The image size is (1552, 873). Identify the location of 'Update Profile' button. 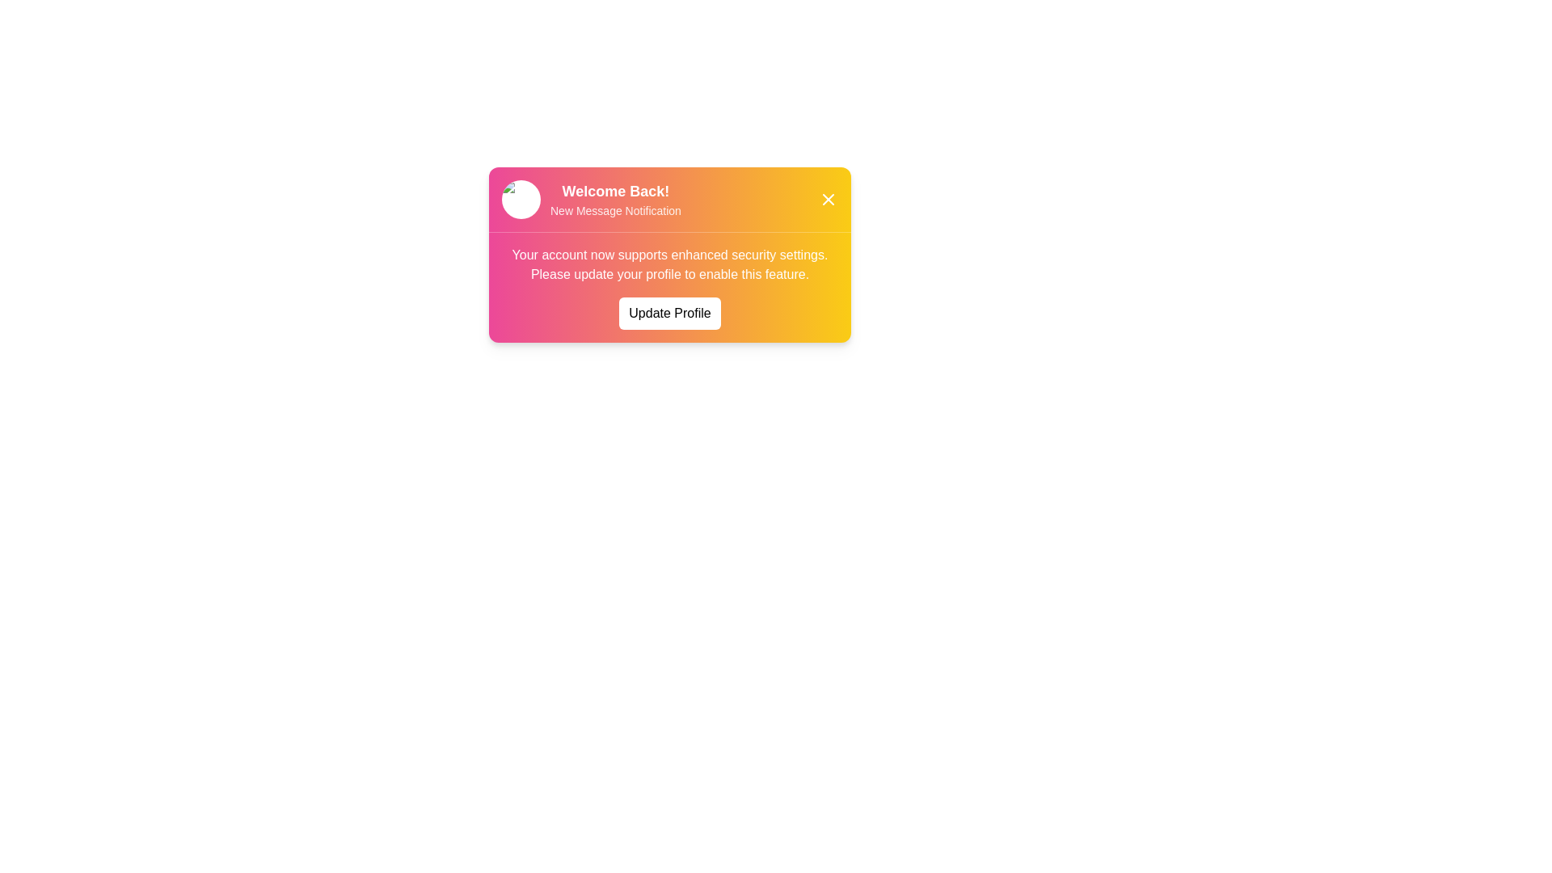
(670, 314).